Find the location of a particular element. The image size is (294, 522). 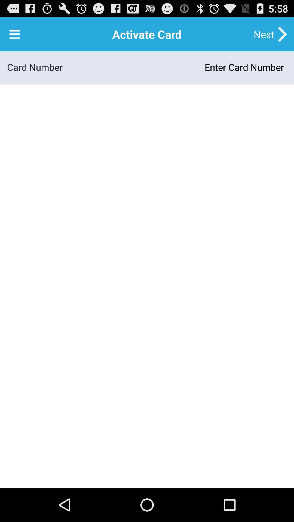

app to the left of the activate card icon is located at coordinates (14, 34).